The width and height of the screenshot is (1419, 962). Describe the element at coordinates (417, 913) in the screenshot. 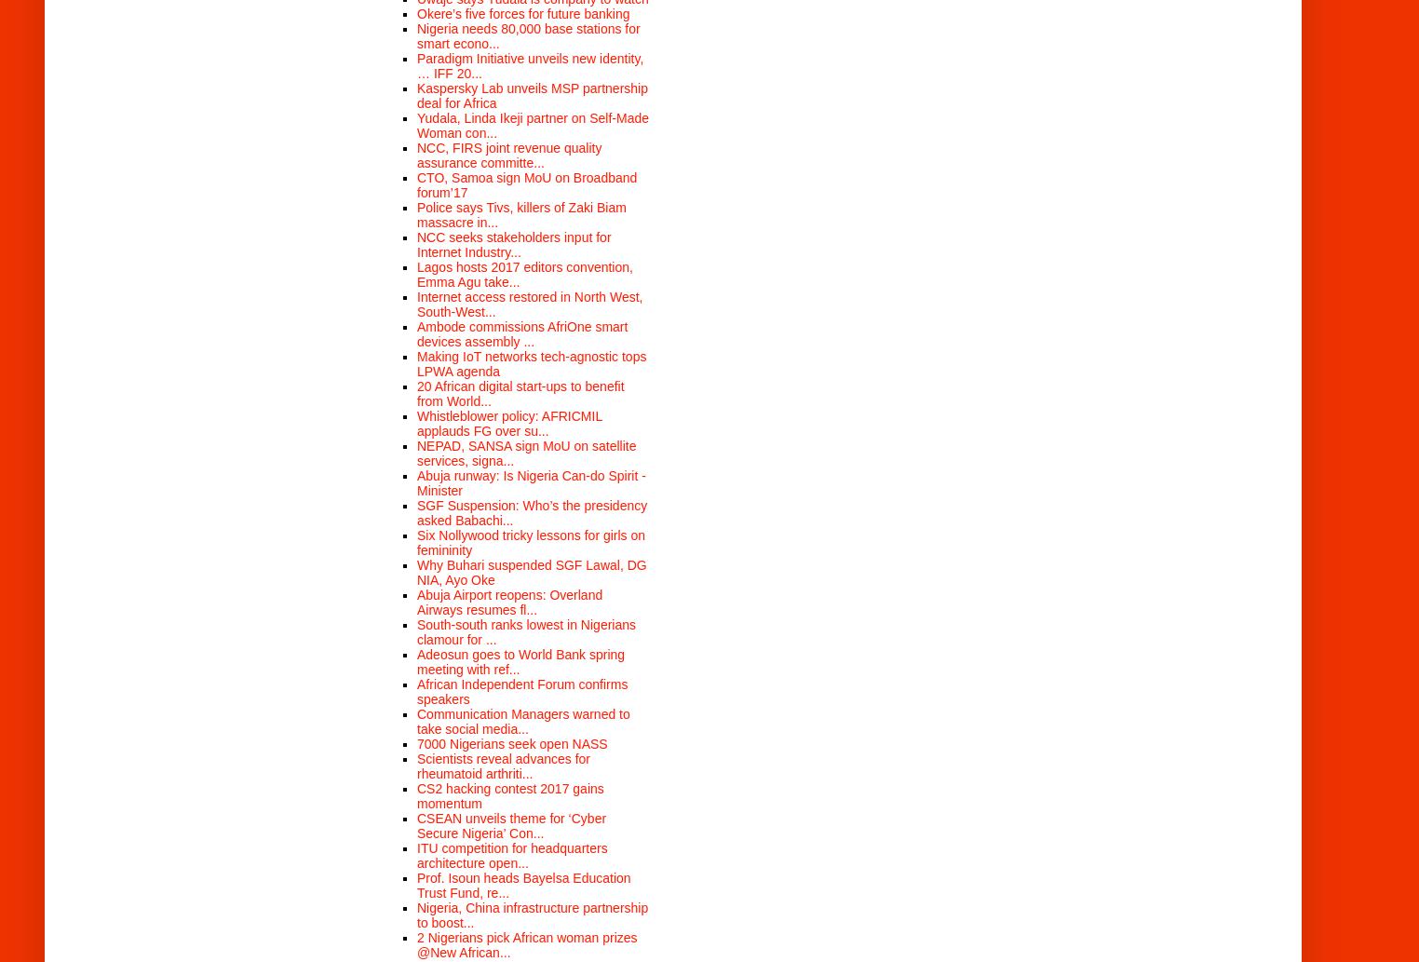

I see `'Nigeria, China infrastructure partnership to boost...'` at that location.